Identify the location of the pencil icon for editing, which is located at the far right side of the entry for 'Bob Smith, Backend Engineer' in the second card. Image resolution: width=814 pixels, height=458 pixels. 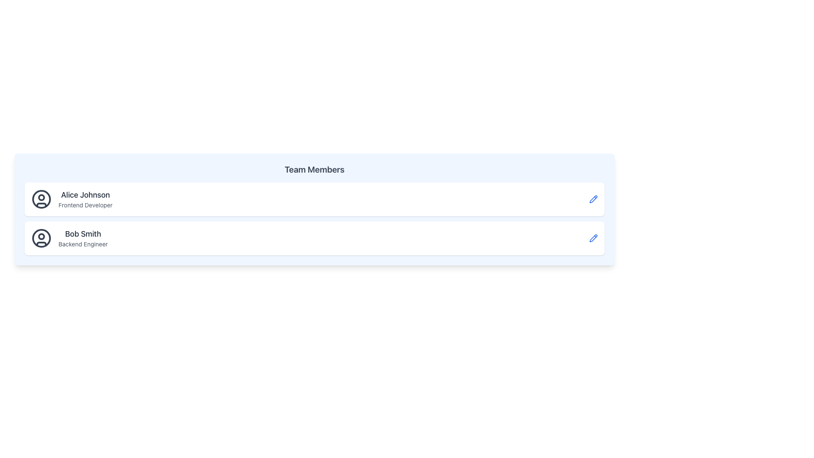
(593, 238).